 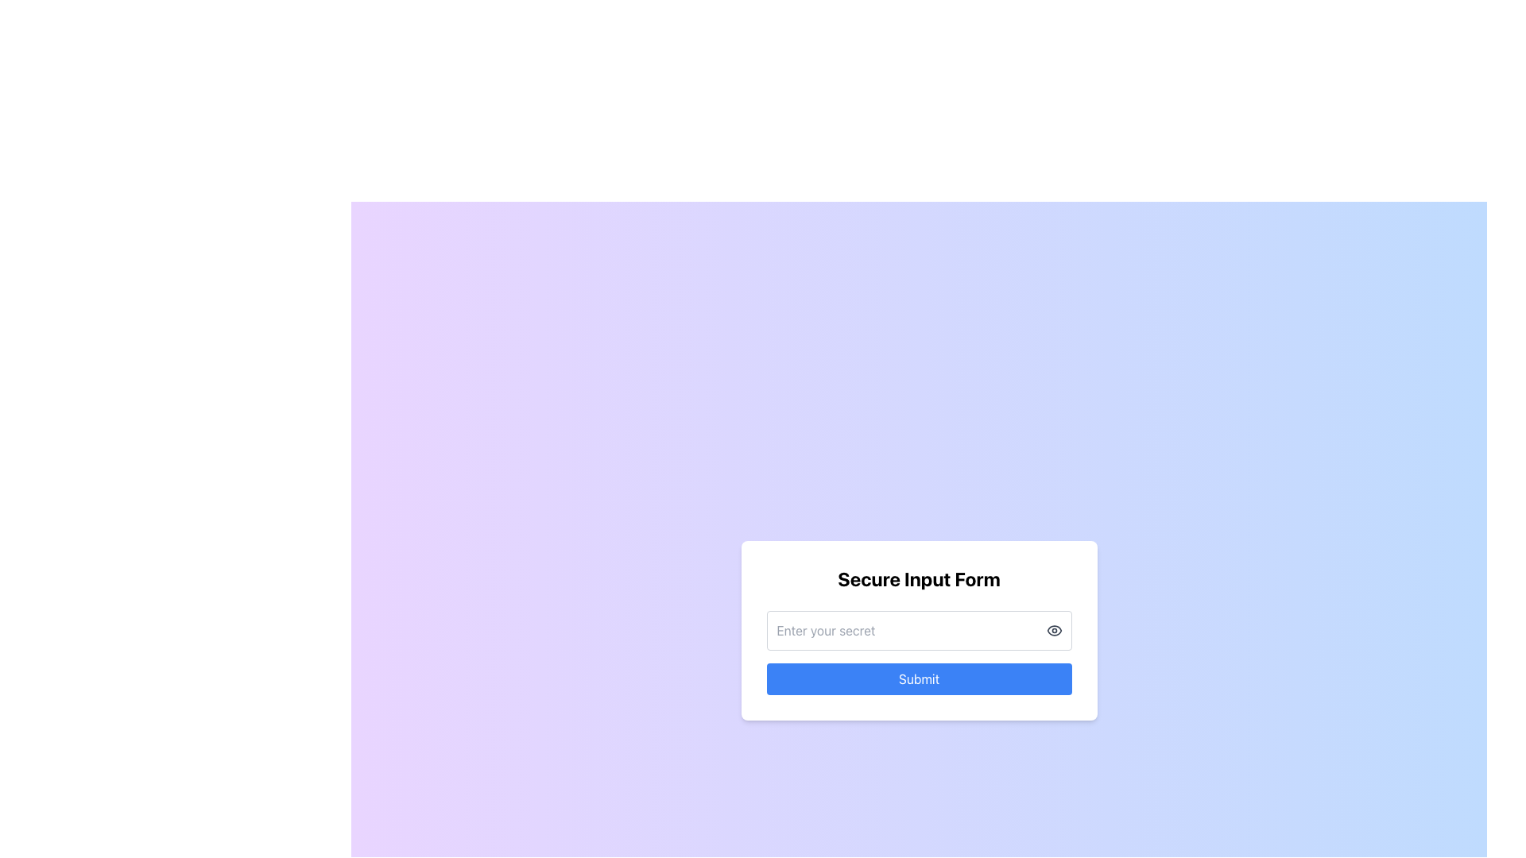 What do you see at coordinates (919, 679) in the screenshot?
I see `the 'Submit' button with rounded corners and a blue background` at bounding box center [919, 679].